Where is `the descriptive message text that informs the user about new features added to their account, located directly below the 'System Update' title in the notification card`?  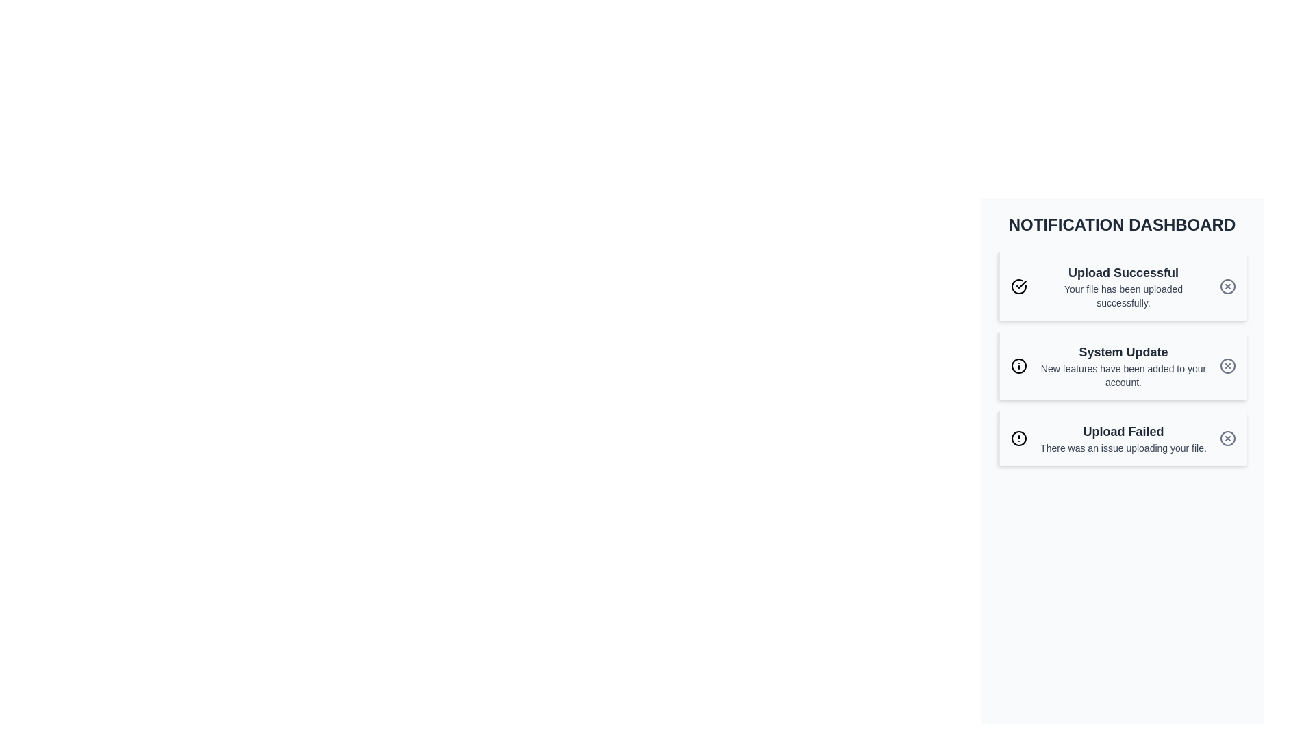
the descriptive message text that informs the user about new features added to their account, located directly below the 'System Update' title in the notification card is located at coordinates (1123, 375).